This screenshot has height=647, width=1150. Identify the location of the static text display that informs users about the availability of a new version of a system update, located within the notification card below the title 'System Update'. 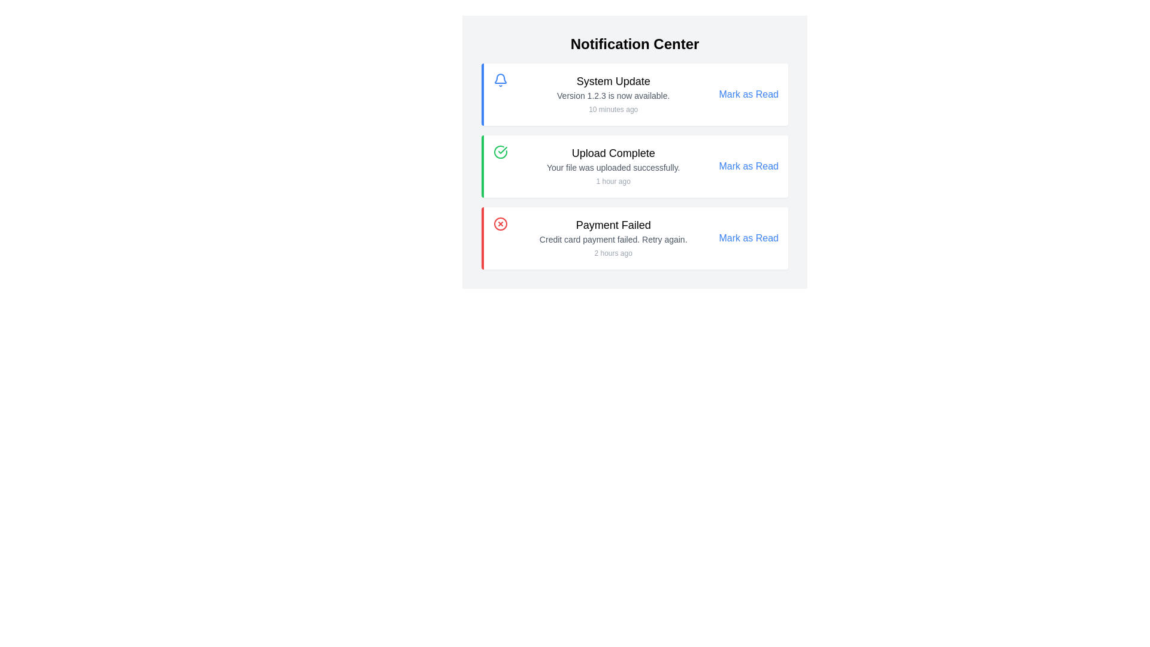
(613, 95).